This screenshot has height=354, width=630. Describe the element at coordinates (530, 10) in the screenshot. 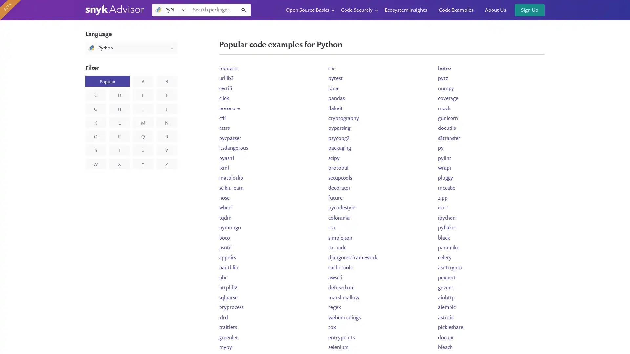

I see `Sign Up` at that location.